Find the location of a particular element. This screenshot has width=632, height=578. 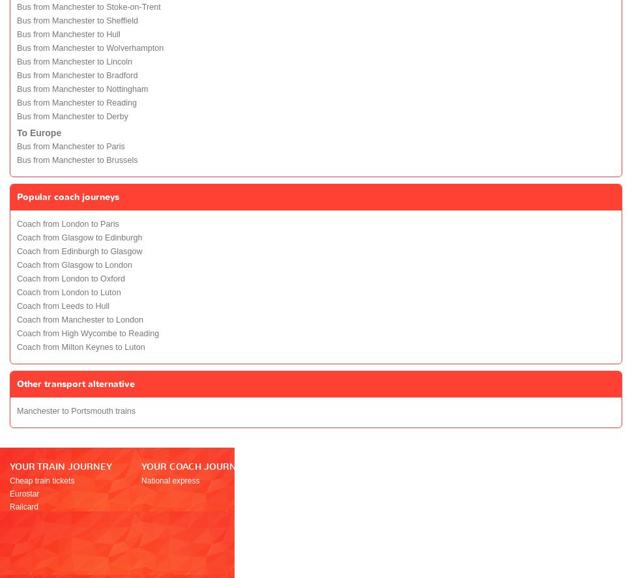

'Privacy Policy' is located at coordinates (404, 558).